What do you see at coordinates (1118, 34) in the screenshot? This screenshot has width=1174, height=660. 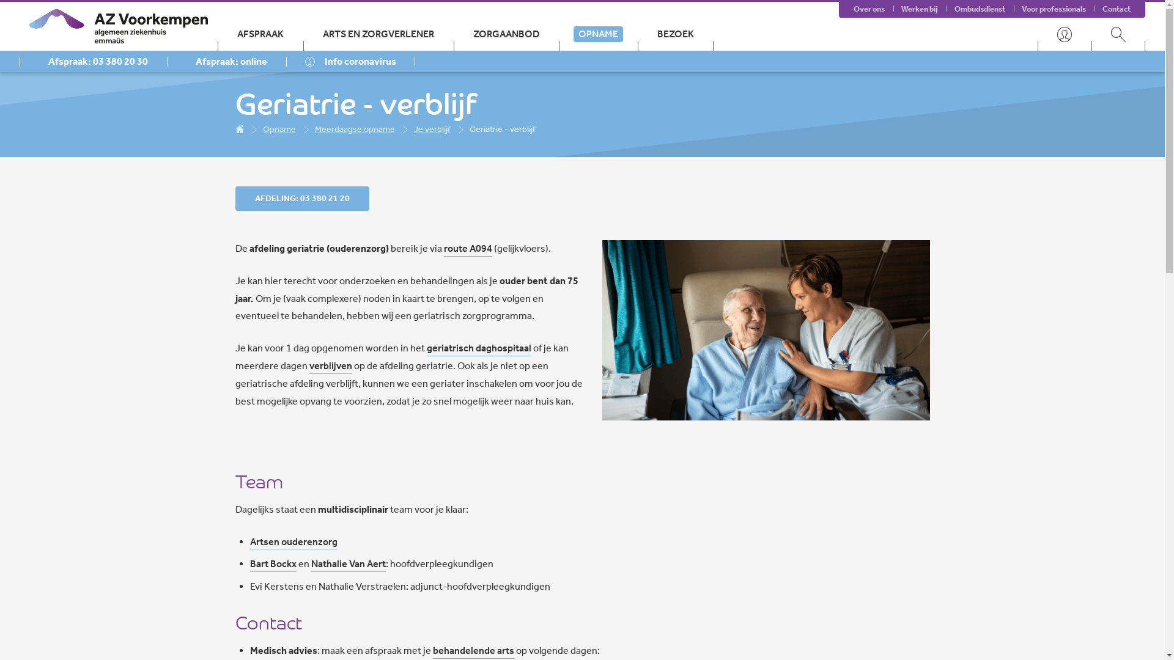 I see `'Search menu'` at bounding box center [1118, 34].